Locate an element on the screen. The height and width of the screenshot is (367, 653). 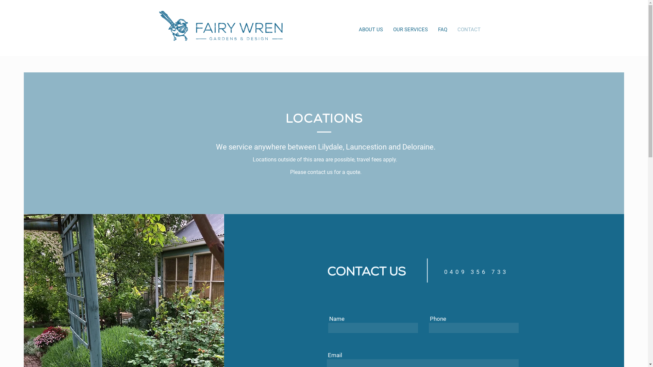
'OUR SERVICES' is located at coordinates (388, 29).